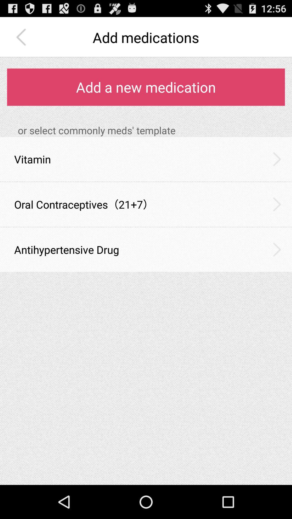  I want to click on app to the right of the antihypertensive drug, so click(277, 249).